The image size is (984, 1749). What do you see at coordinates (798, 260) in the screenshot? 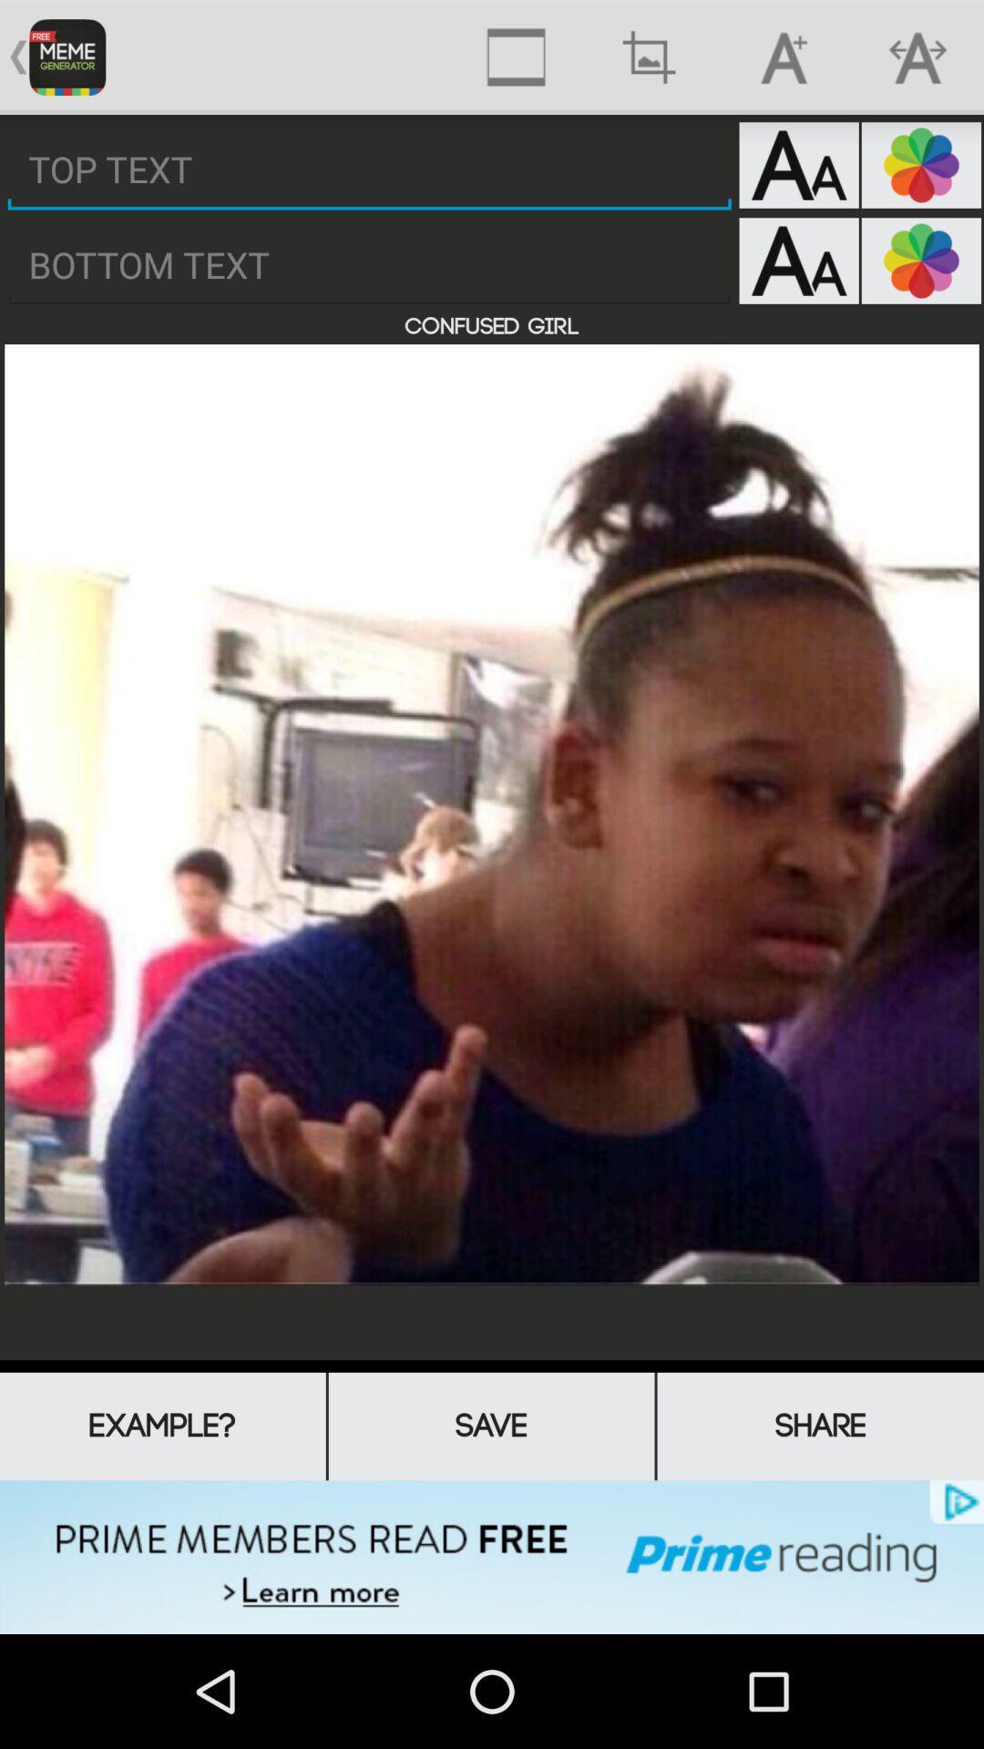
I see `font size` at bounding box center [798, 260].